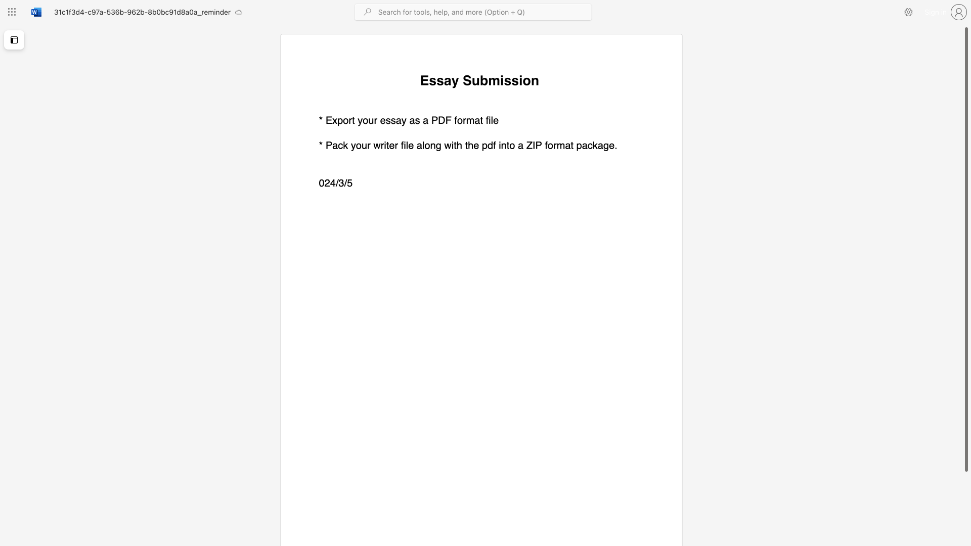 The width and height of the screenshot is (971, 546). What do you see at coordinates (379, 120) in the screenshot?
I see `the subset text "essa" within the text "* Export your essay"` at bounding box center [379, 120].